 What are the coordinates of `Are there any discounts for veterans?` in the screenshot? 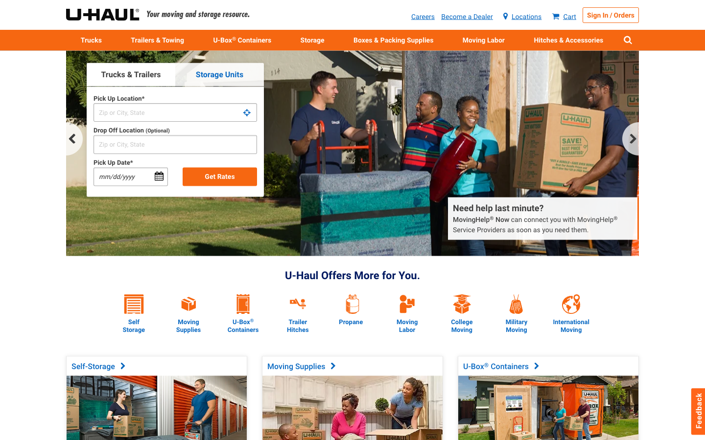 It's located at (516, 295).